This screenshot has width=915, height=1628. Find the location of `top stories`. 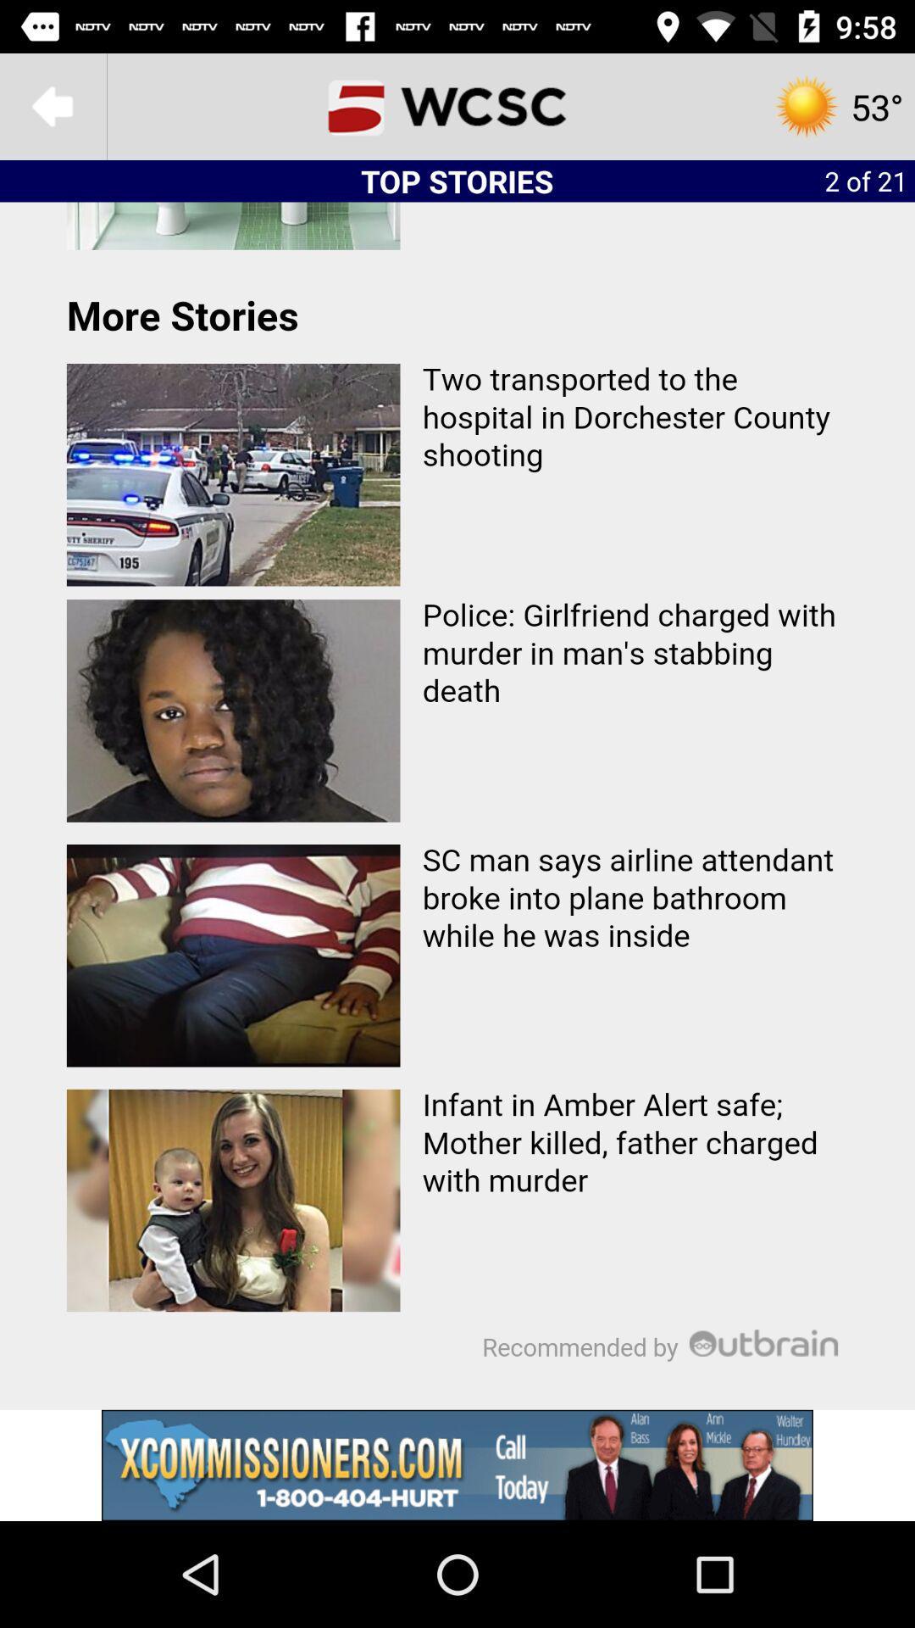

top stories is located at coordinates (457, 805).